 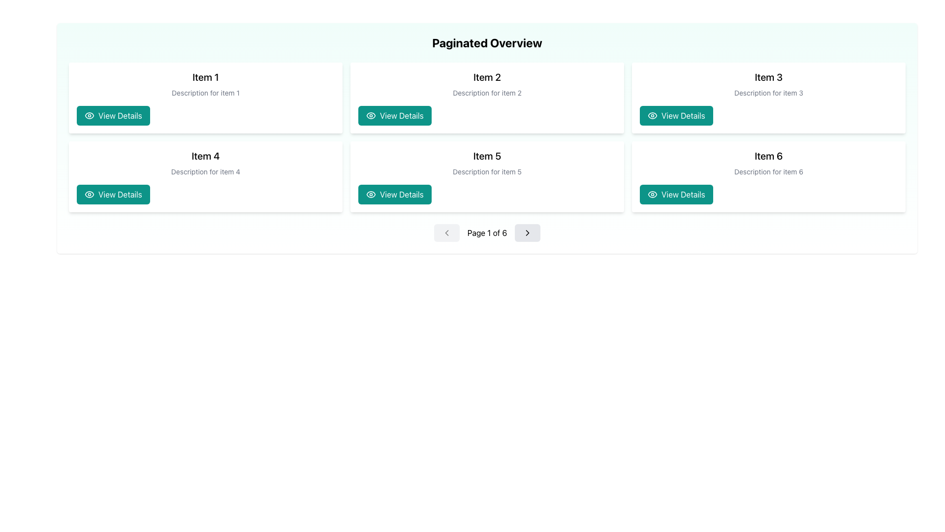 What do you see at coordinates (676, 115) in the screenshot?
I see `the information button located at the bottom-right corner of the card titled 'Item 3' to activate any hover effects` at bounding box center [676, 115].